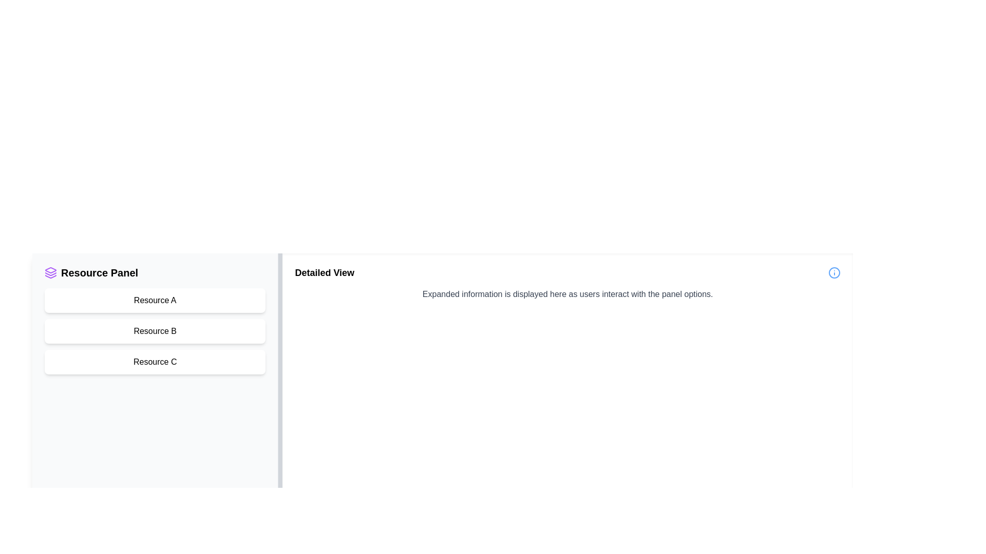 The height and width of the screenshot is (554, 986). I want to click on the purple graphical icon component, which is a stack of rectangles with rounded edges, located next to the 'Resource Panel' text, so click(50, 273).